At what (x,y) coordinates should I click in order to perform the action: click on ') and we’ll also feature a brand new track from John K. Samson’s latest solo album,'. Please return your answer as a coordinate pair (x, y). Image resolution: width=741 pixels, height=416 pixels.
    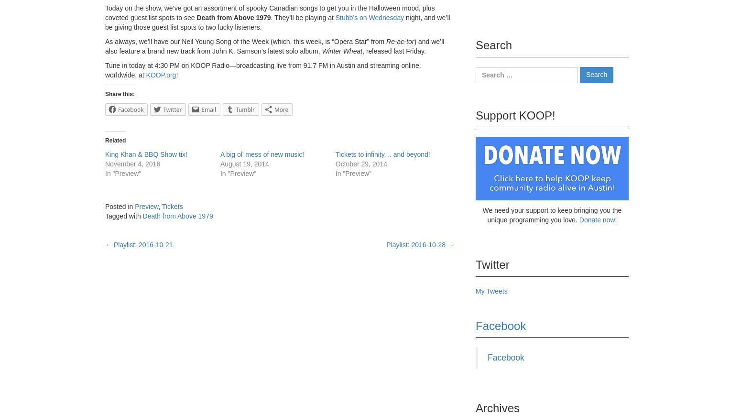
    Looking at the image, I should click on (274, 45).